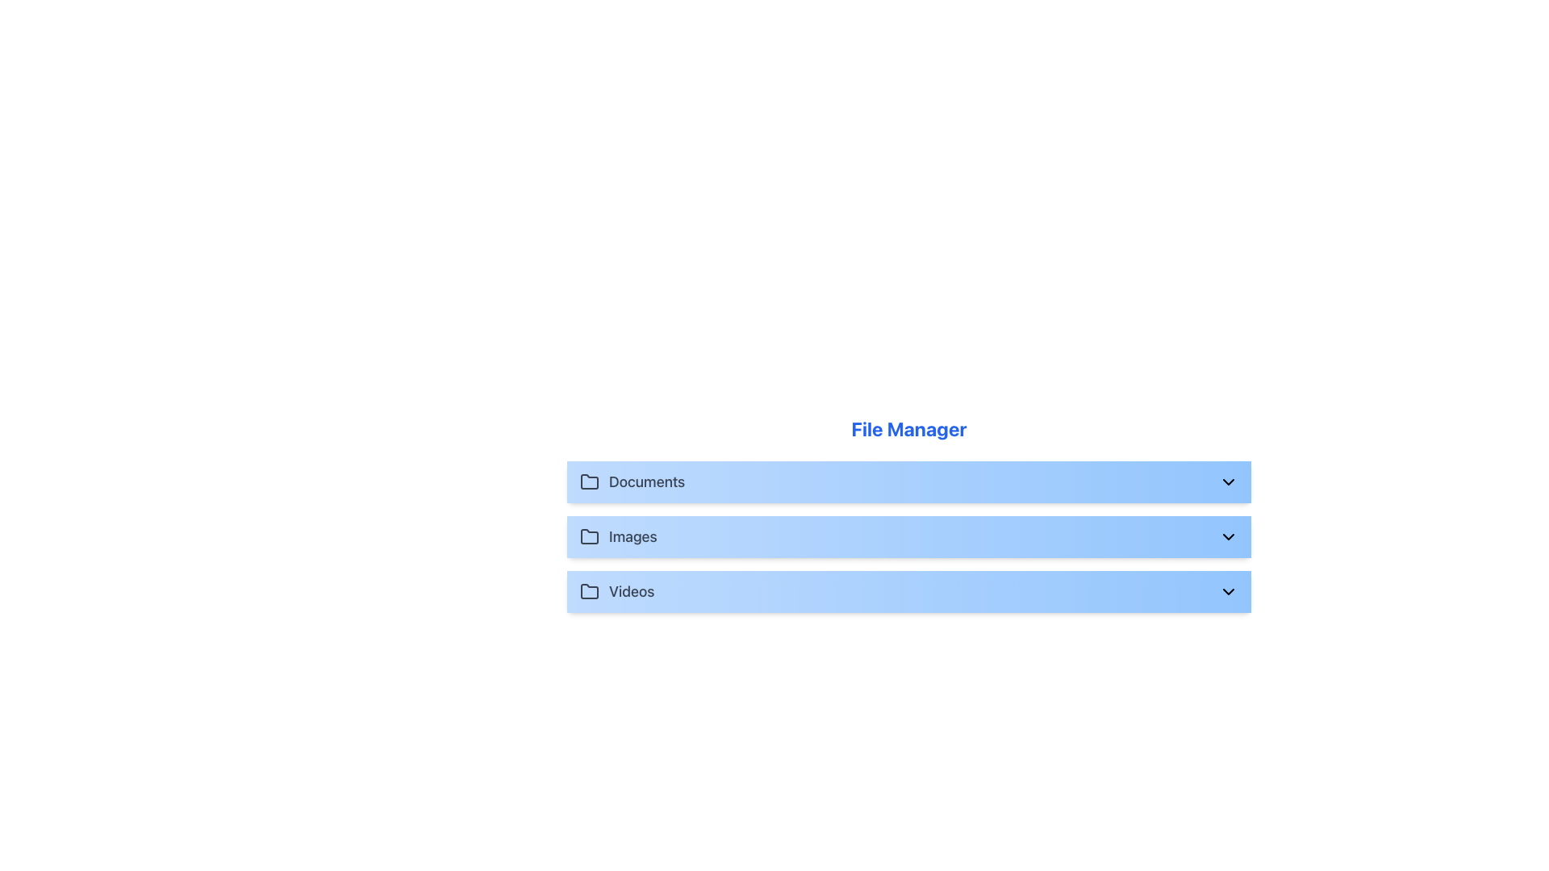 This screenshot has height=871, width=1549. Describe the element at coordinates (588, 590) in the screenshot. I see `the 'Videos' folder icon` at that location.